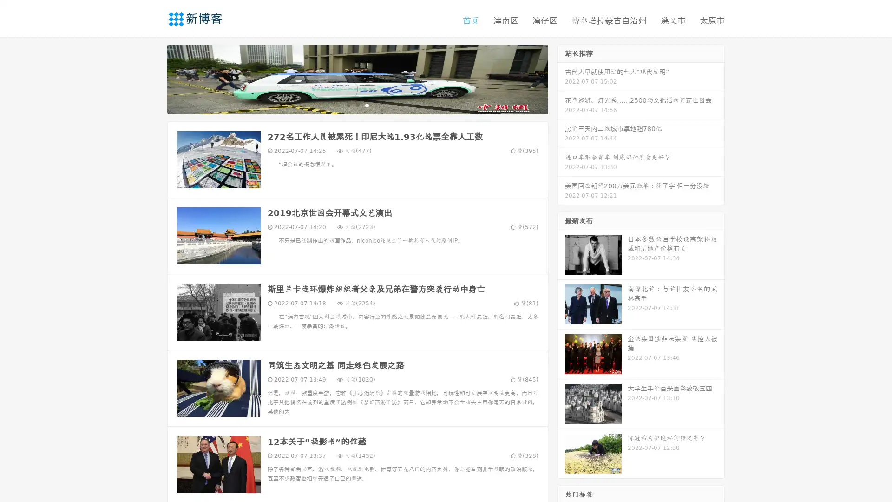 This screenshot has height=502, width=892. What do you see at coordinates (153, 78) in the screenshot?
I see `Previous slide` at bounding box center [153, 78].